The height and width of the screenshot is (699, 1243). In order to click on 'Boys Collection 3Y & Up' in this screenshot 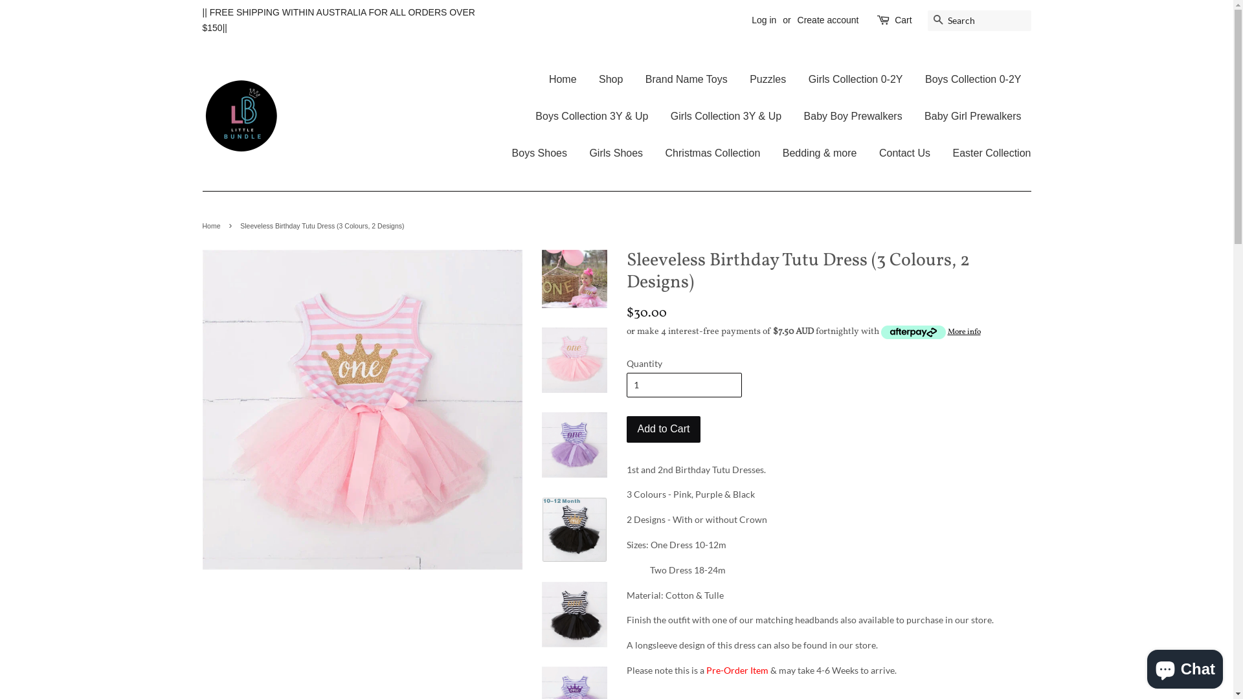, I will do `click(590, 115)`.